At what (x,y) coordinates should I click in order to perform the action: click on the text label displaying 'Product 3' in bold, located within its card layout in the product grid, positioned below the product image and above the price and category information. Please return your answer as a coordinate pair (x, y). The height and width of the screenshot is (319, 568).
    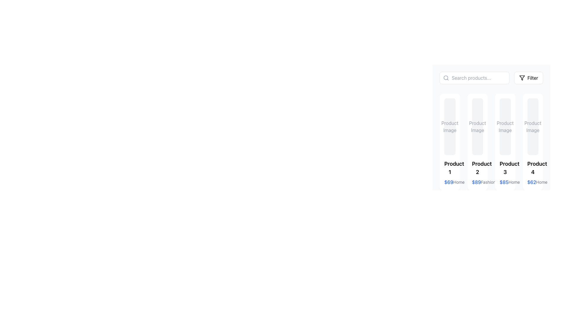
    Looking at the image, I should click on (505, 168).